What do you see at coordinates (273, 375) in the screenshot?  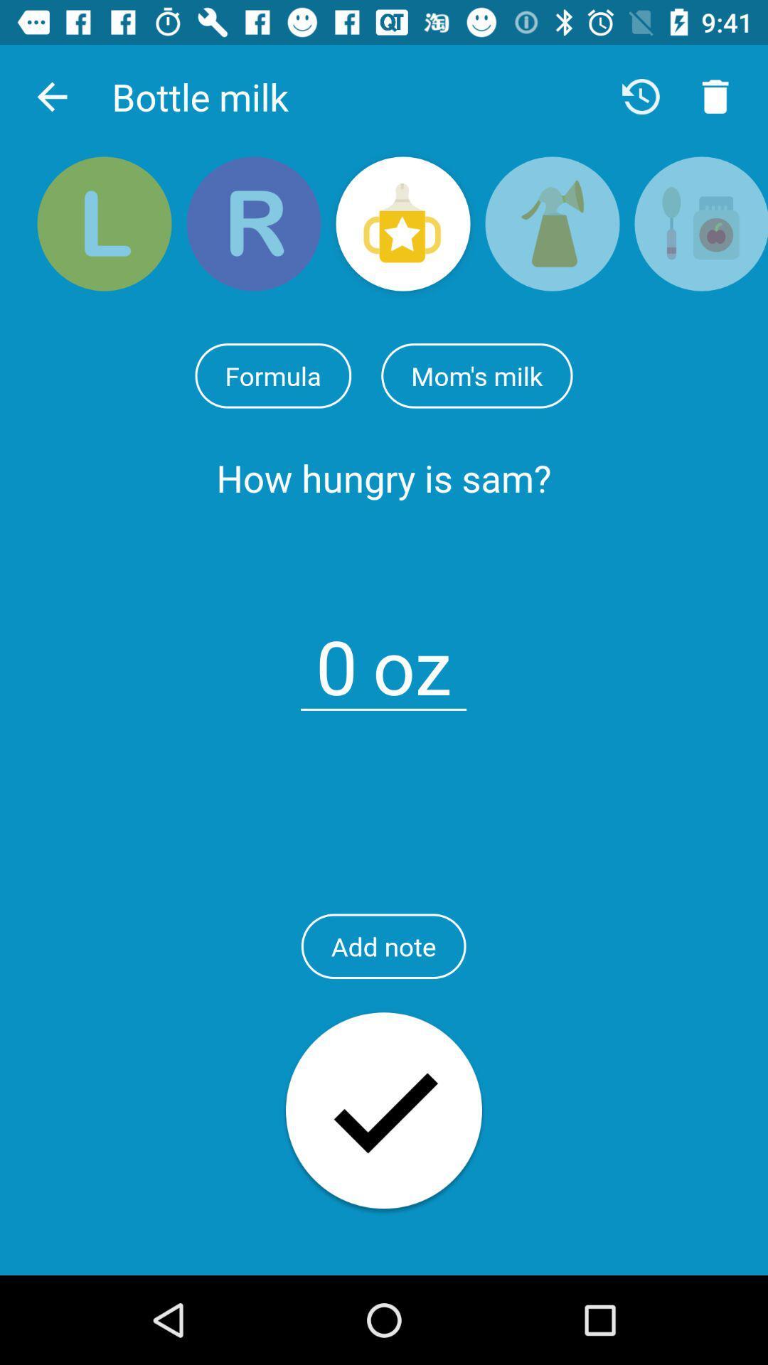 I see `icon next to the mom's milk item` at bounding box center [273, 375].